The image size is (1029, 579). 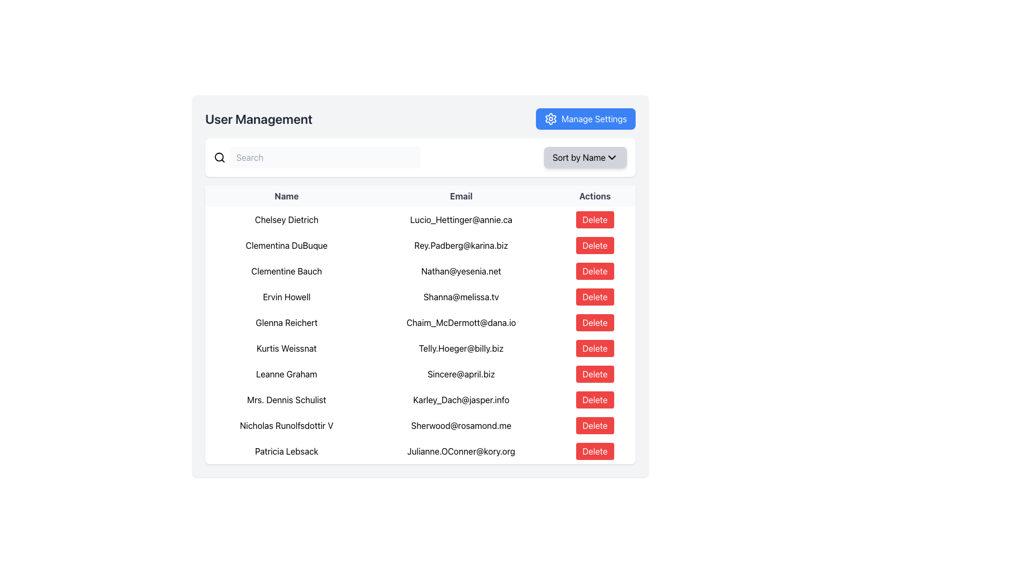 I want to click on the delete button in the 'Actions' column associated with the row of 'Chaim_McDermott@dana.io' and 'Glenna Reichert', so click(x=594, y=322).